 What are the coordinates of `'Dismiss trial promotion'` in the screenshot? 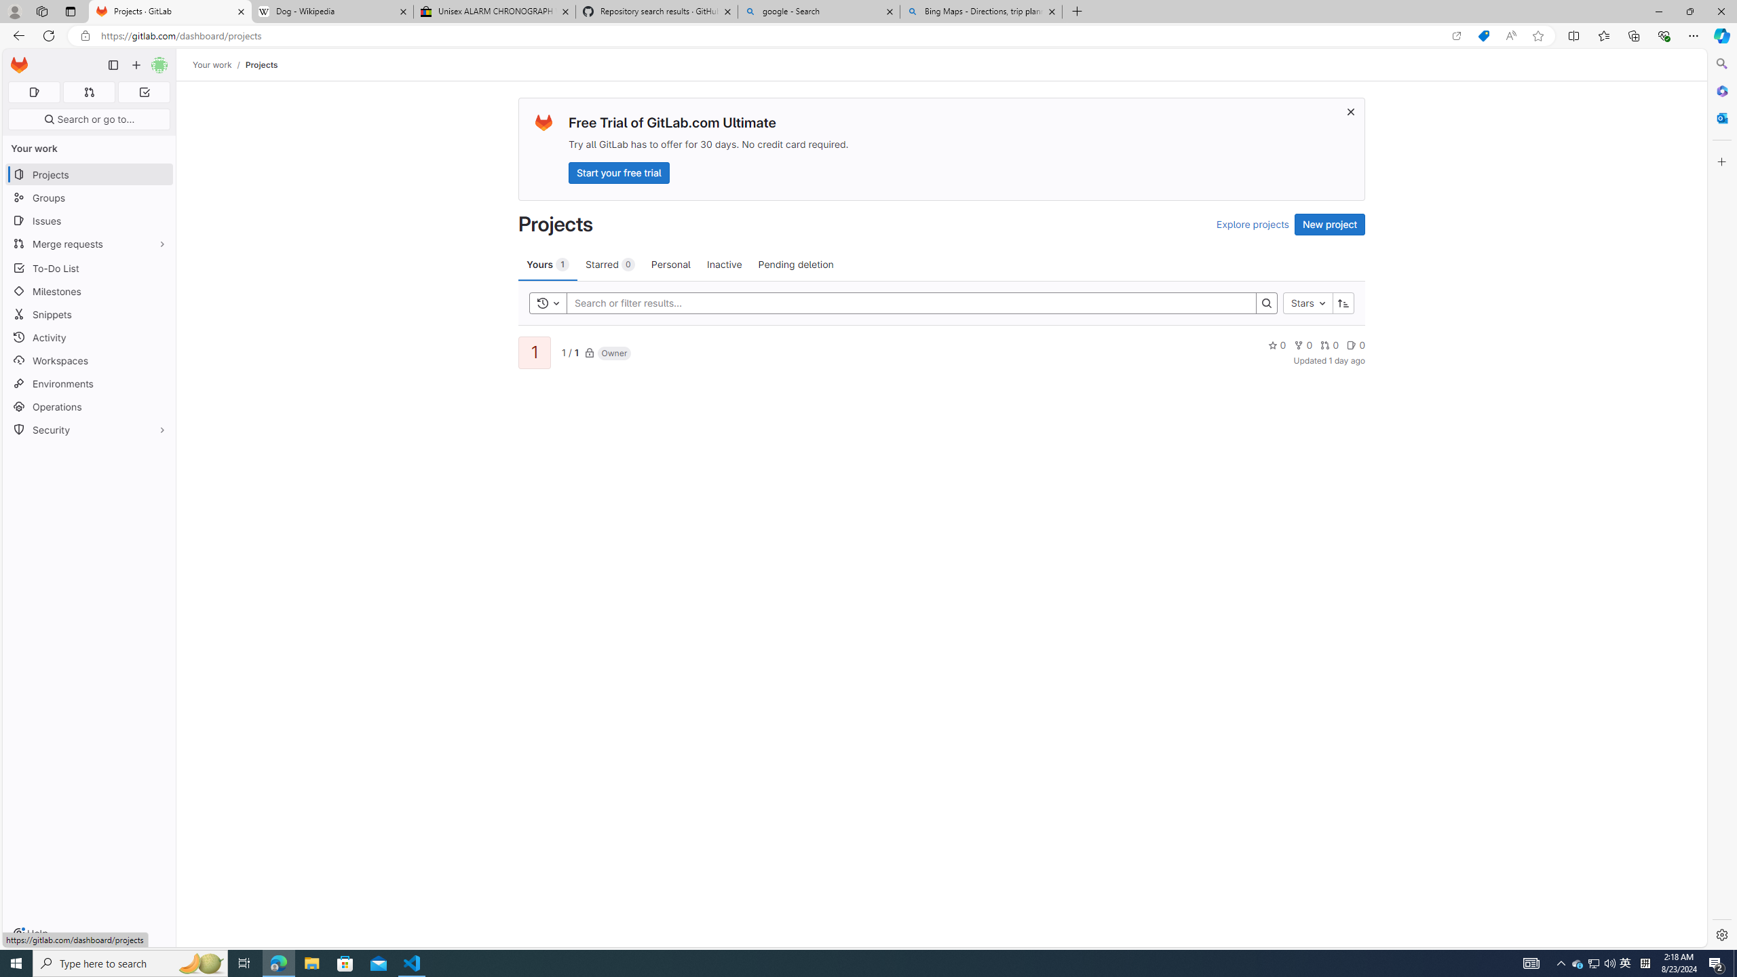 It's located at (1350, 111).